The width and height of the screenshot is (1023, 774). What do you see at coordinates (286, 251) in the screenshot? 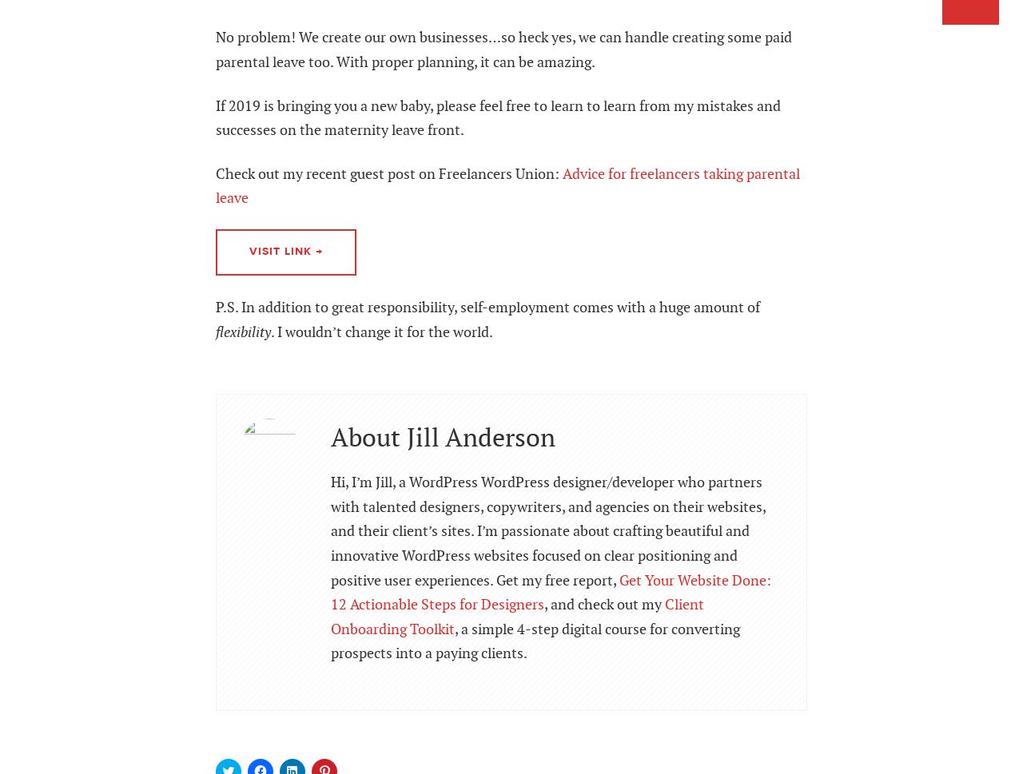
I see `'Visit Link →'` at bounding box center [286, 251].